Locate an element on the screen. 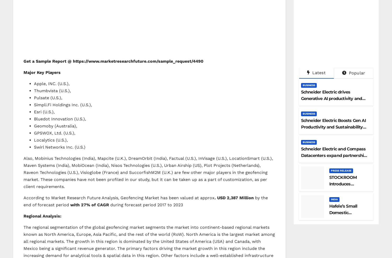 Image resolution: width=392 pixels, height=258 pixels. 'Swirl Networks Inc. (U.S.)' is located at coordinates (59, 147).